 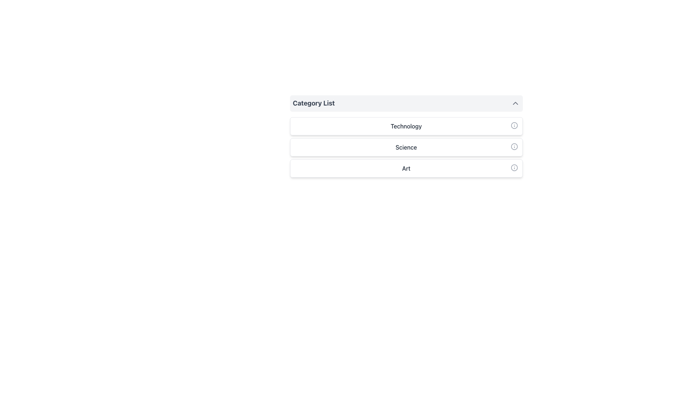 What do you see at coordinates (406, 147) in the screenshot?
I see `the category labels in the categorized list component located beneath the 'Category List' header` at bounding box center [406, 147].